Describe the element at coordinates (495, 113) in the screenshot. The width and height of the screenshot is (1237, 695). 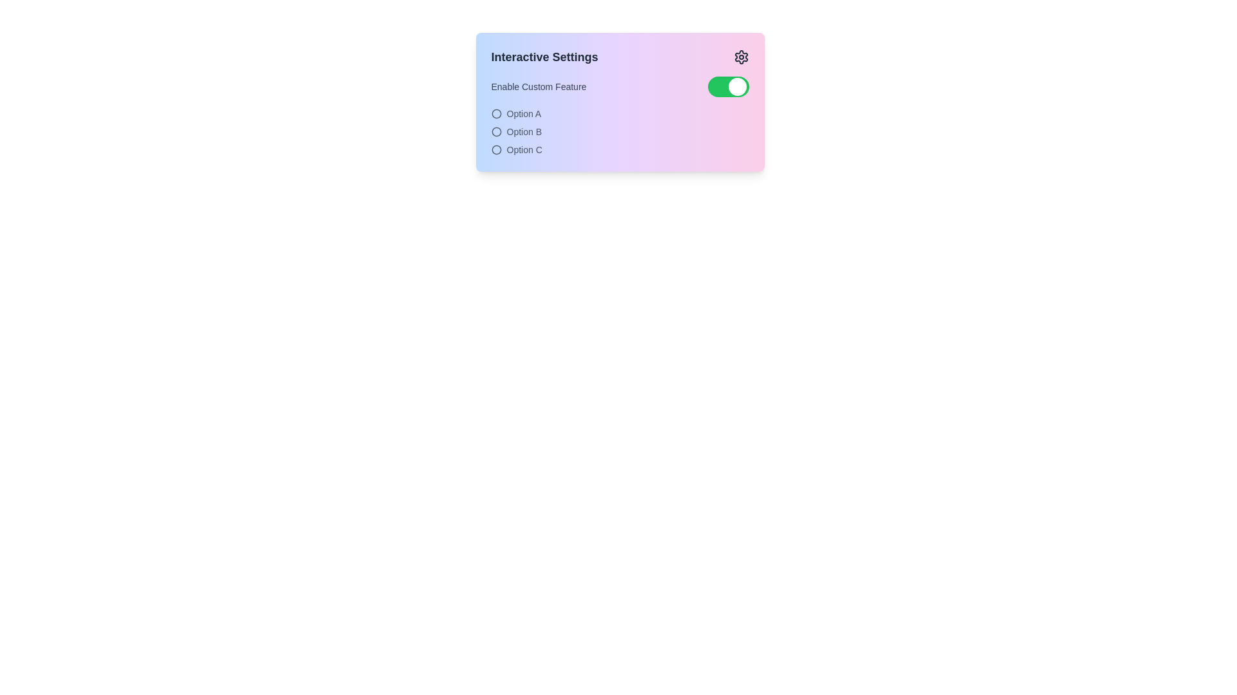
I see `the radio button labeled 'Option A'` at that location.